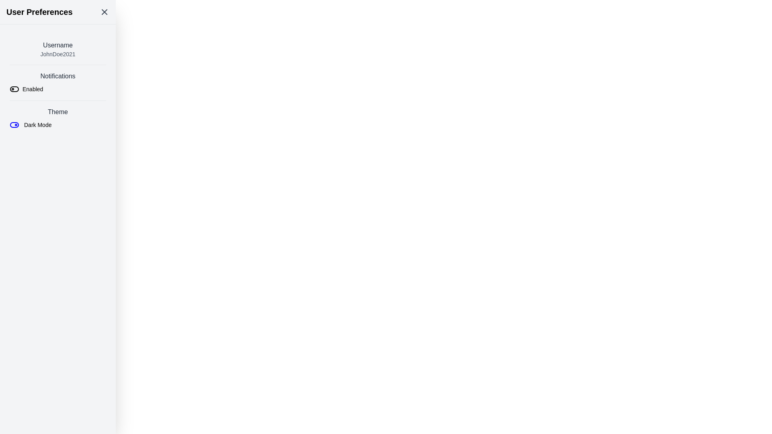  What do you see at coordinates (14, 89) in the screenshot?
I see `the Graphic Rectangle, which is a black rounded rectangle located within the toggle switch UI element representing the 'Enabled' state under the 'Notifications' section` at bounding box center [14, 89].